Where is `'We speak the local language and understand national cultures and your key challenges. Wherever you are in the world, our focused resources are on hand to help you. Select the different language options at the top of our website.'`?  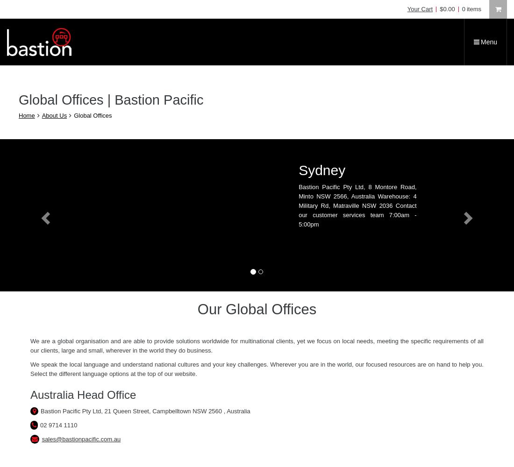
'We speak the local language and understand national cultures and your key challenges. Wherever you are in the world, our focused resources are on hand to help you. Select the different language options at the top of our website.' is located at coordinates (30, 369).